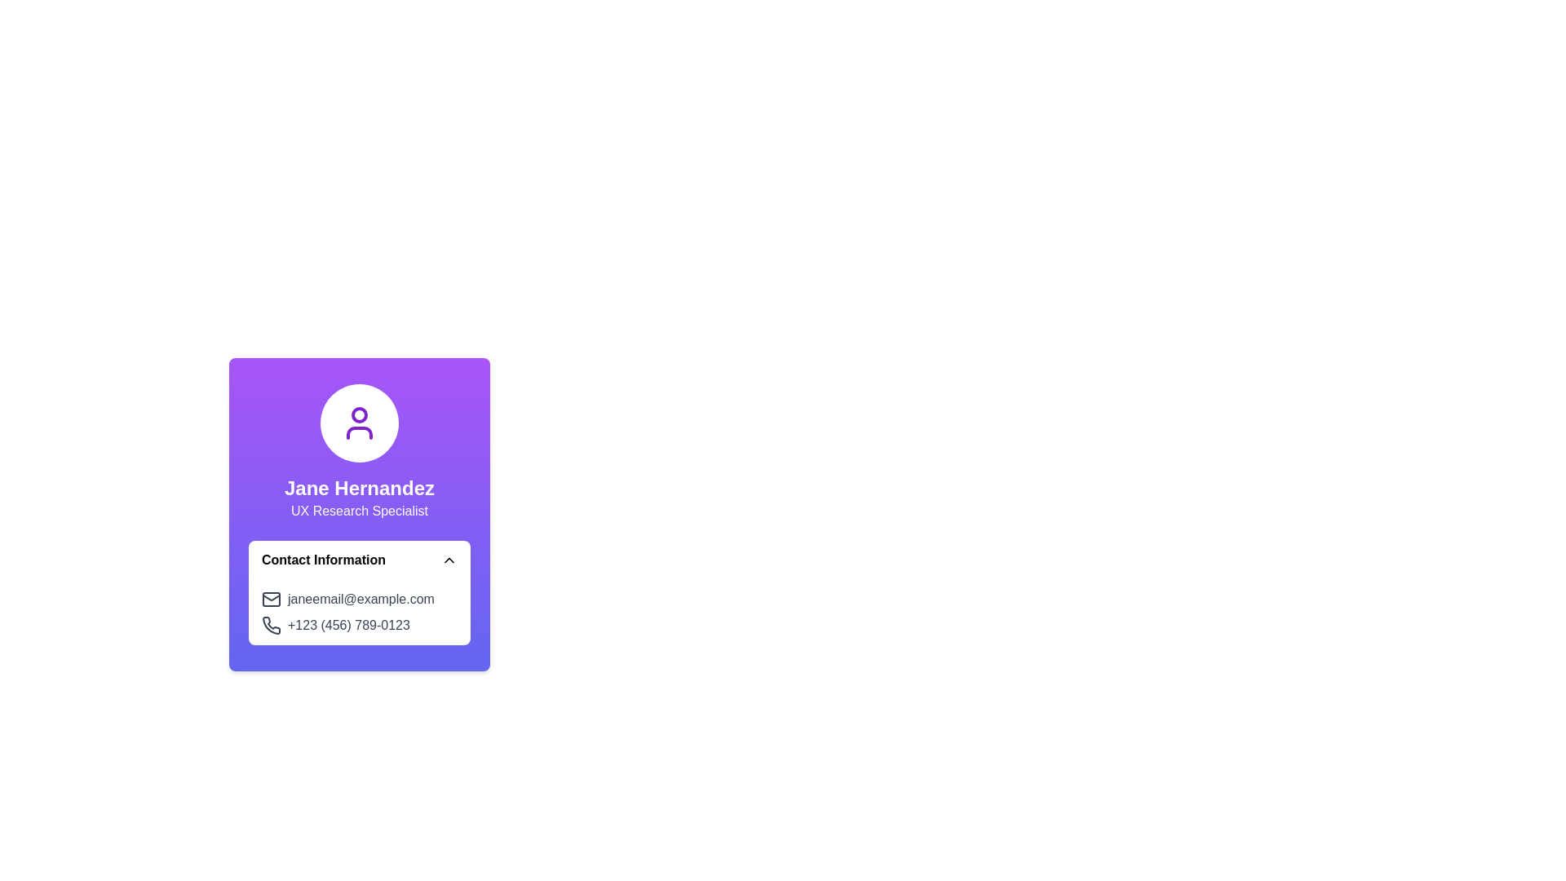 This screenshot has height=881, width=1566. I want to click on the text label displaying the email address 'janeemail@example.com' which is located beneath the 'Contact Information' header and adjacent to an envelope icon, so click(360, 600).